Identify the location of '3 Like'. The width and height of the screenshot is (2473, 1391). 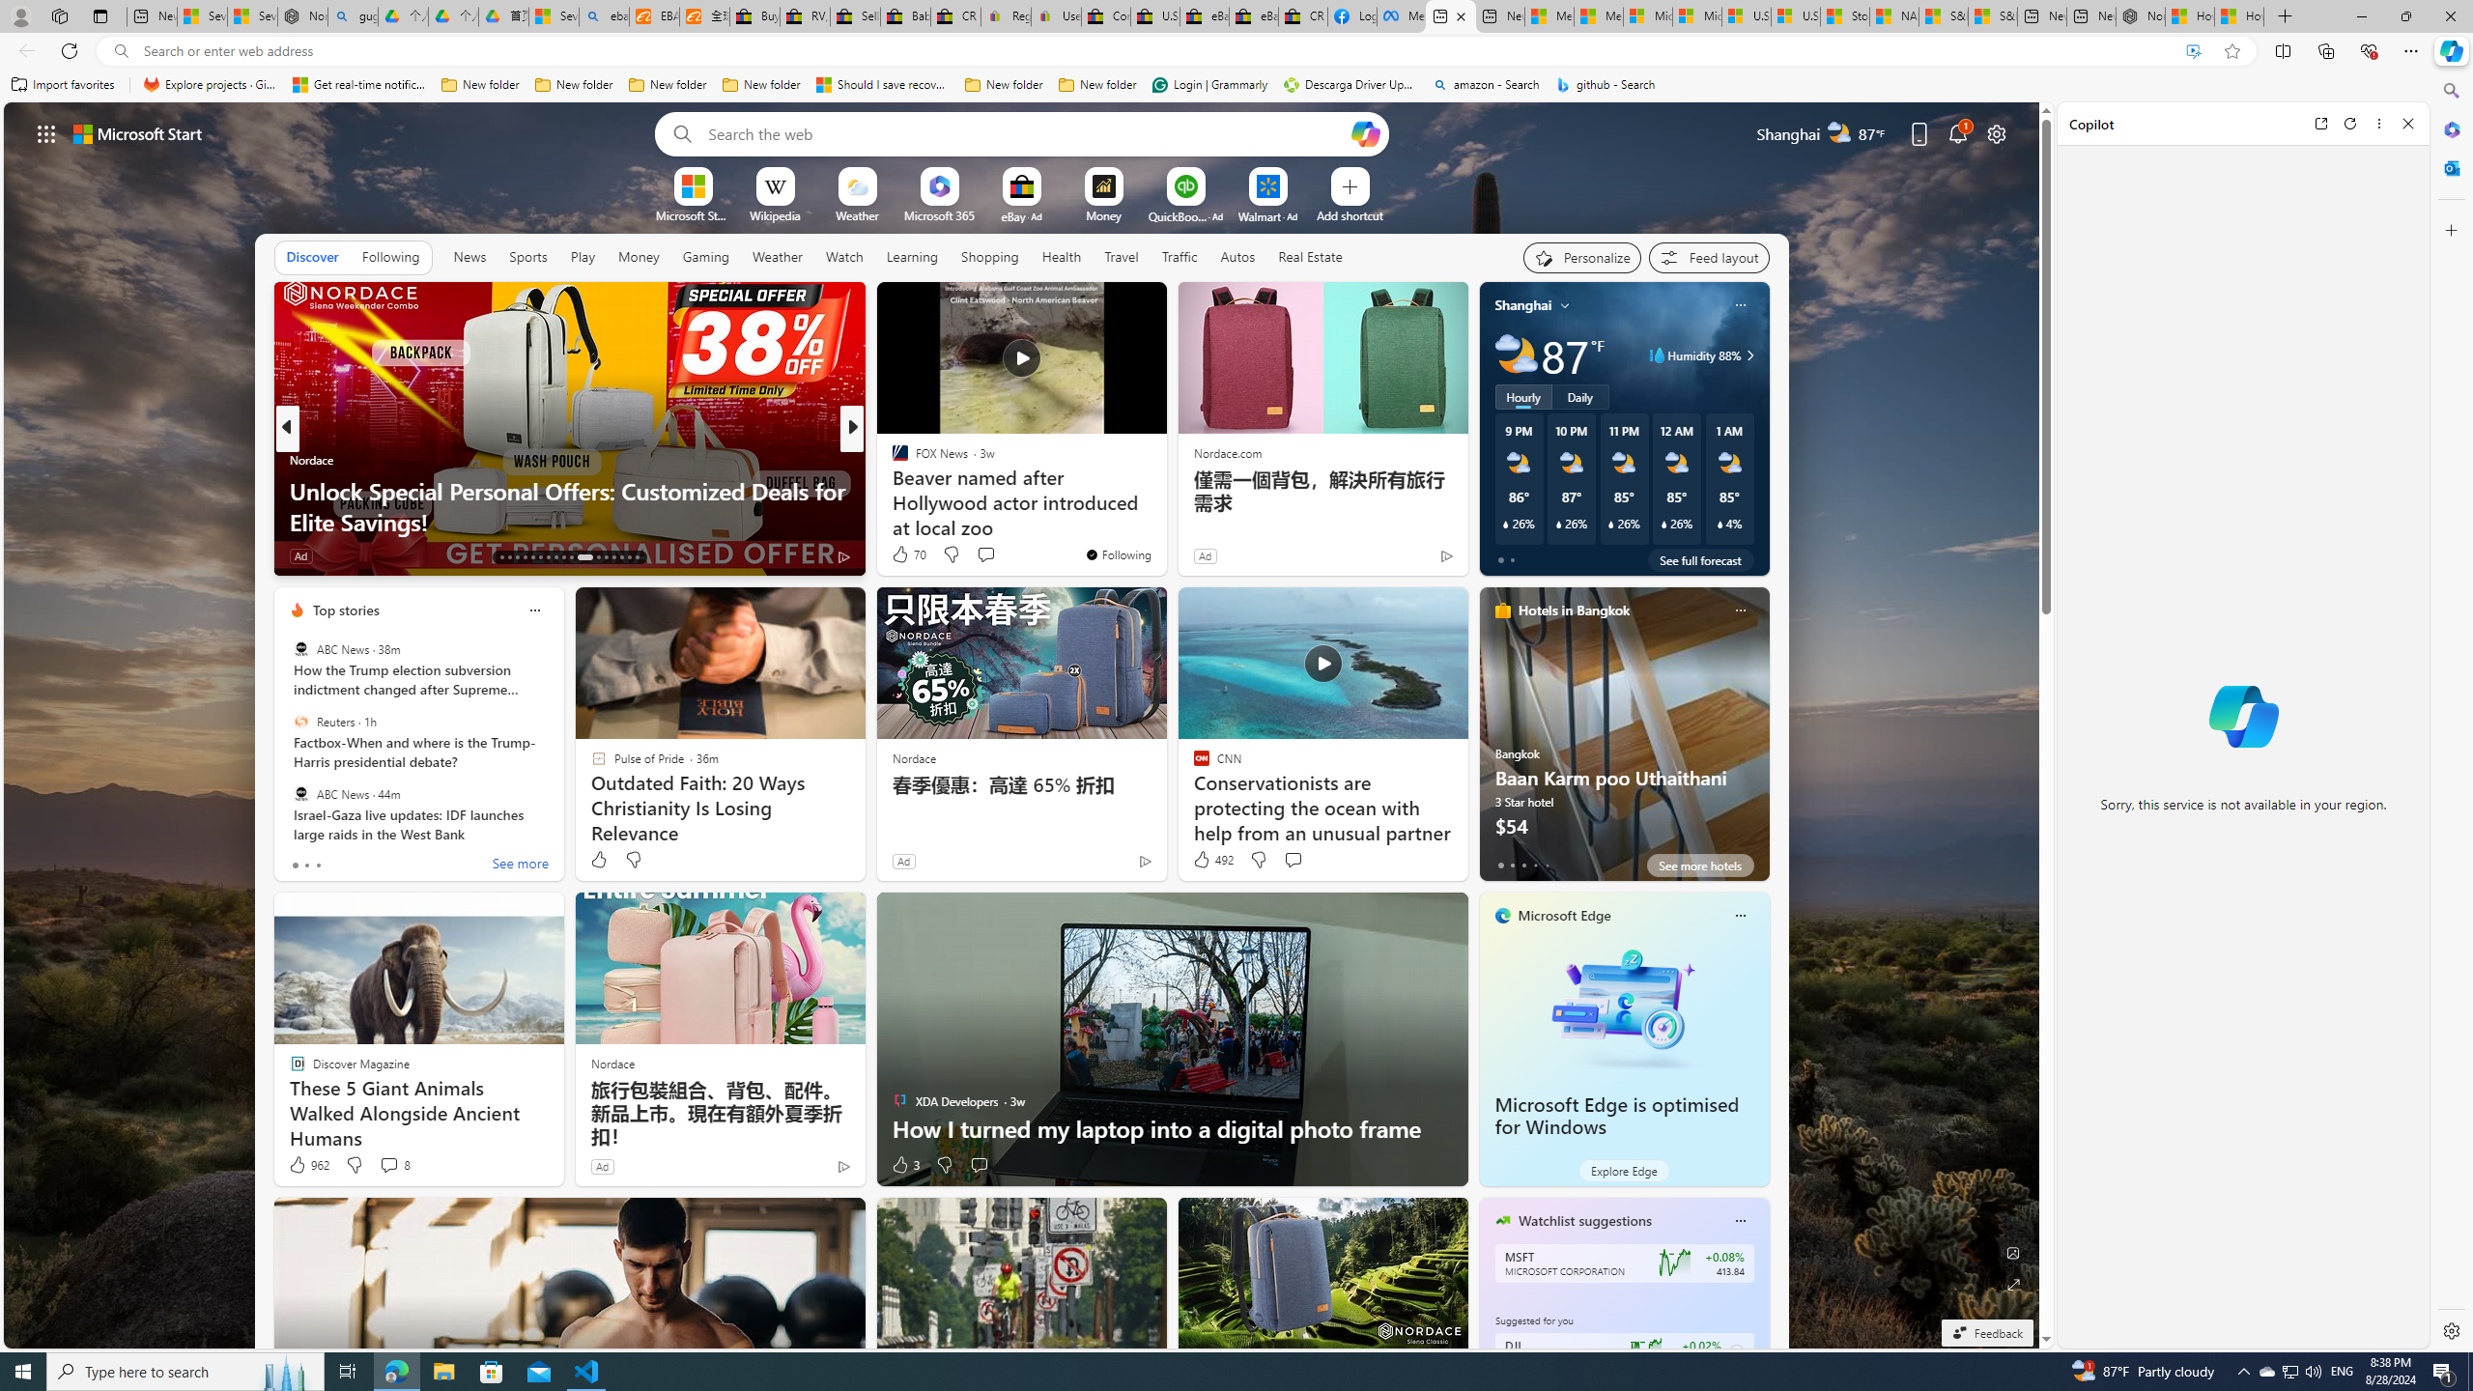
(903, 1165).